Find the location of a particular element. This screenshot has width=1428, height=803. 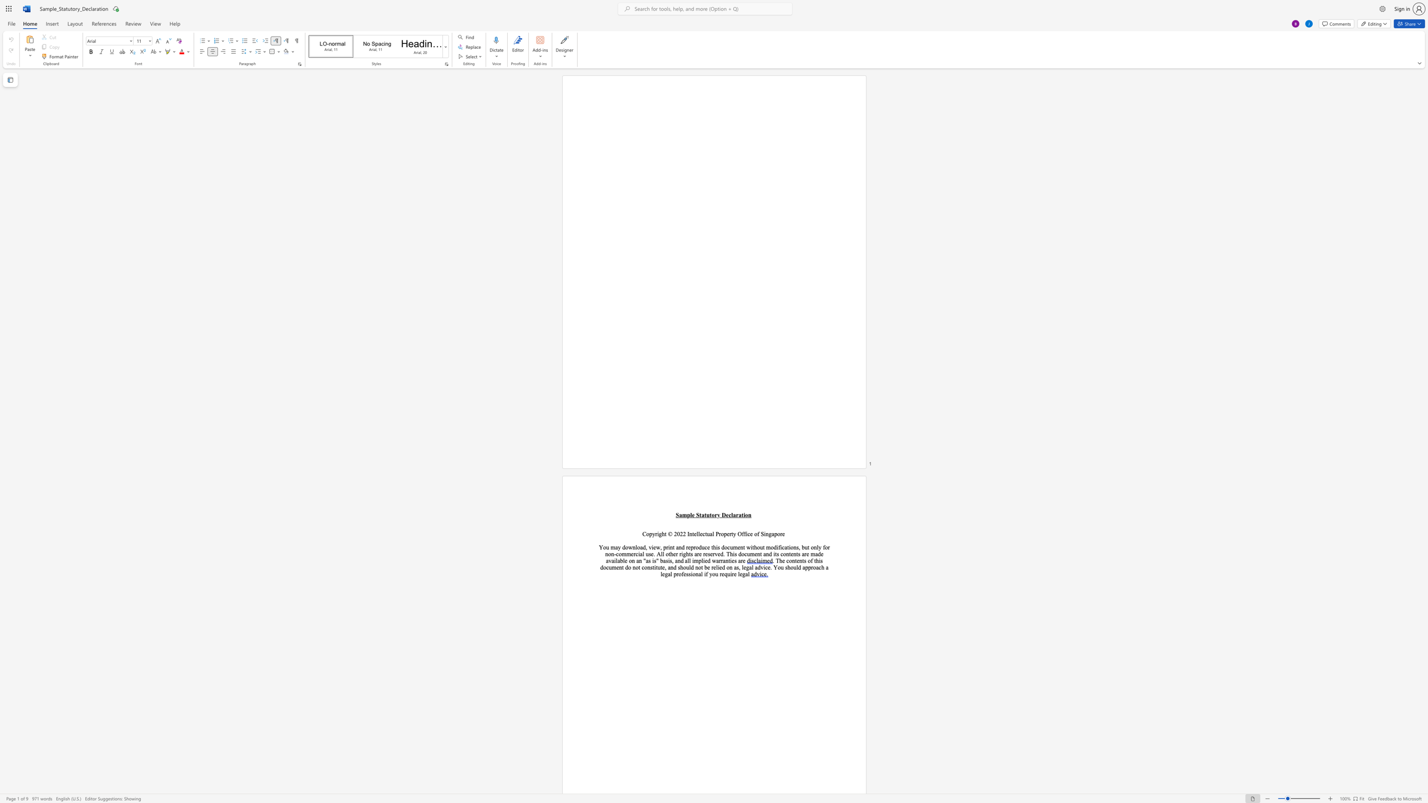

the subset text ". The contents o" within the text ". The contents of this document" is located at coordinates (772, 560).